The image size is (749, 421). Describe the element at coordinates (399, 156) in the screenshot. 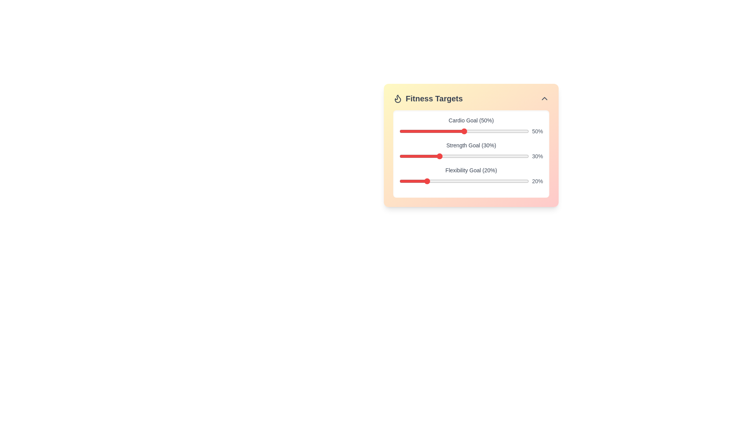

I see `the strength goal slider to 0% by dragging the slider` at that location.